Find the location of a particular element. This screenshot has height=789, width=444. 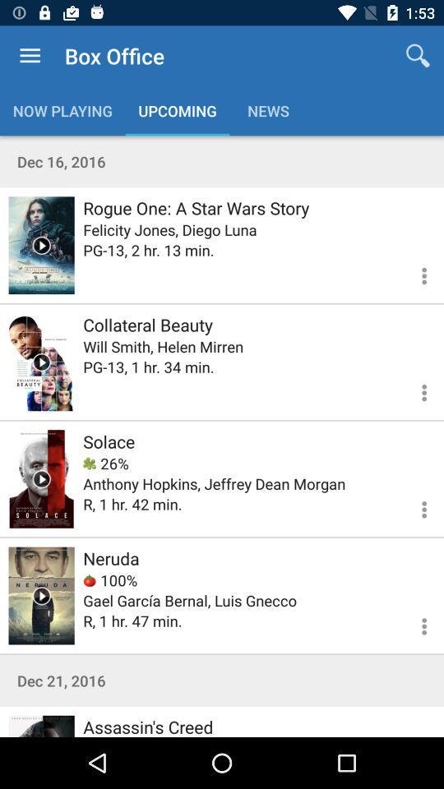

icon above the pg 13 2 icon is located at coordinates (169, 228).